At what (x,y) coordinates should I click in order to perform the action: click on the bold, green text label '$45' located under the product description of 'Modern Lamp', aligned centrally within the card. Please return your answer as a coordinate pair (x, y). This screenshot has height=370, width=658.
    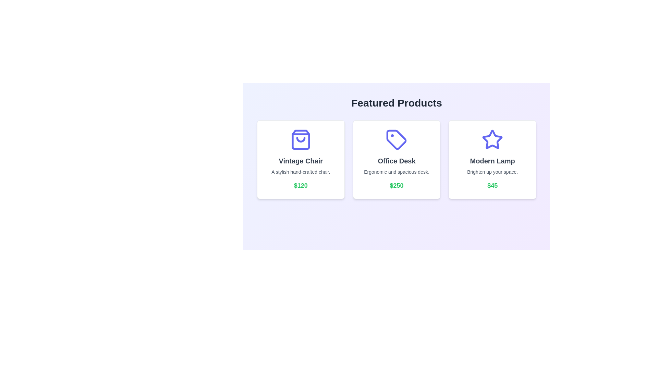
    Looking at the image, I should click on (492, 186).